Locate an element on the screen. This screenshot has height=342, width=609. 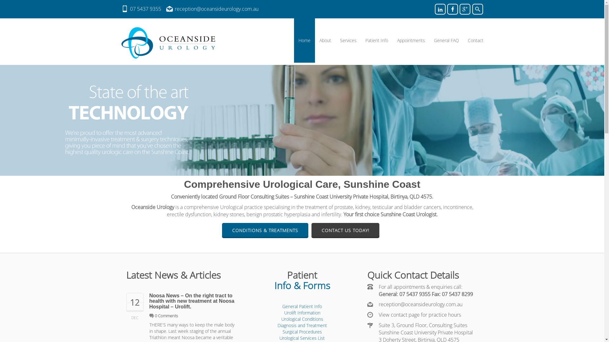
'Diagnosis and Treatment' is located at coordinates (277, 325).